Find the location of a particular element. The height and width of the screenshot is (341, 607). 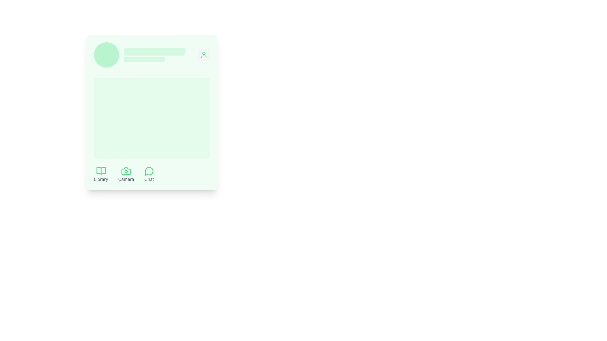

the Component group consisting of avatar and placeholders, which features a circular green pulsating shape on the left and two horizontal green bars on the right is located at coordinates (139, 54).